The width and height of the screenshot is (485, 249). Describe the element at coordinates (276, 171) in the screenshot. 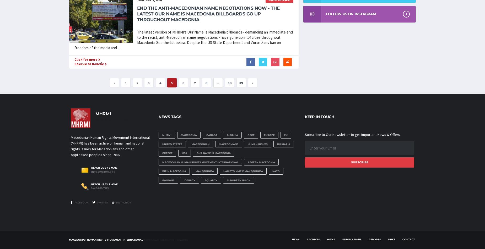

I see `'NATO'` at that location.